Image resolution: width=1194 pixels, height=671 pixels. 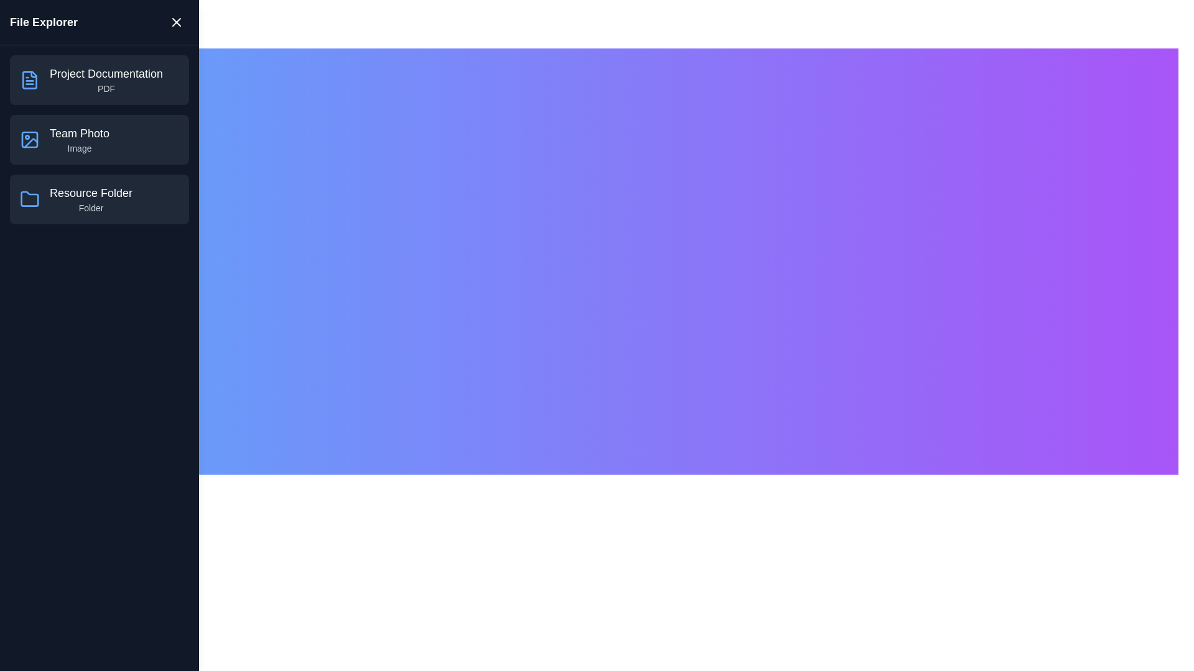 What do you see at coordinates (90, 383) in the screenshot?
I see `the 'Toggle Drawer' button to toggle the visibility of the file explorer drawer` at bounding box center [90, 383].